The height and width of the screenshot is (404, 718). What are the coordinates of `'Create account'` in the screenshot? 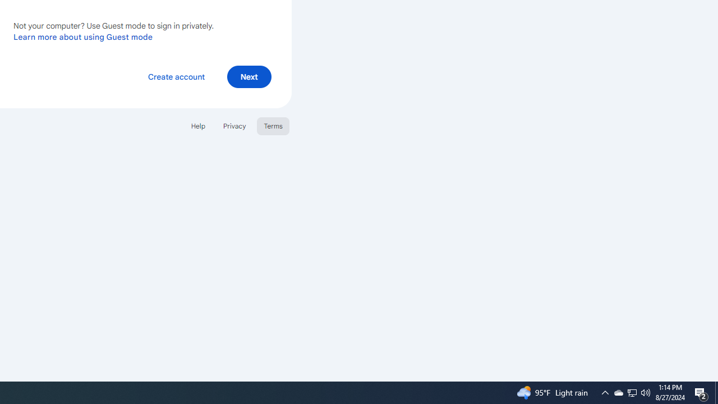 It's located at (176, 76).